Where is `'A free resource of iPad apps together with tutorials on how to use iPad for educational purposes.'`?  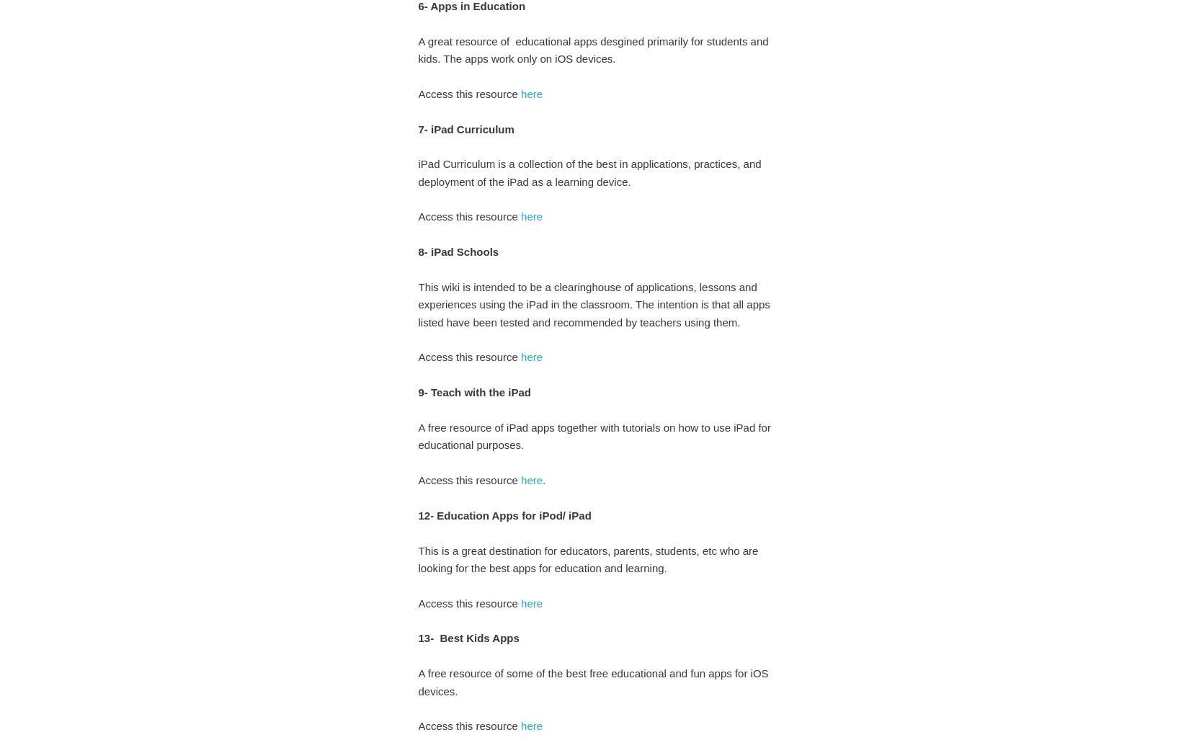
'A free resource of iPad apps together with tutorials on how to use iPad for educational purposes.' is located at coordinates (417, 435).